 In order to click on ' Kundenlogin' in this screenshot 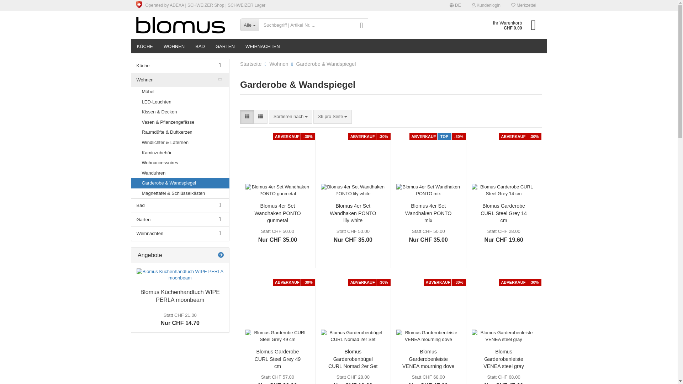, I will do `click(486, 5)`.